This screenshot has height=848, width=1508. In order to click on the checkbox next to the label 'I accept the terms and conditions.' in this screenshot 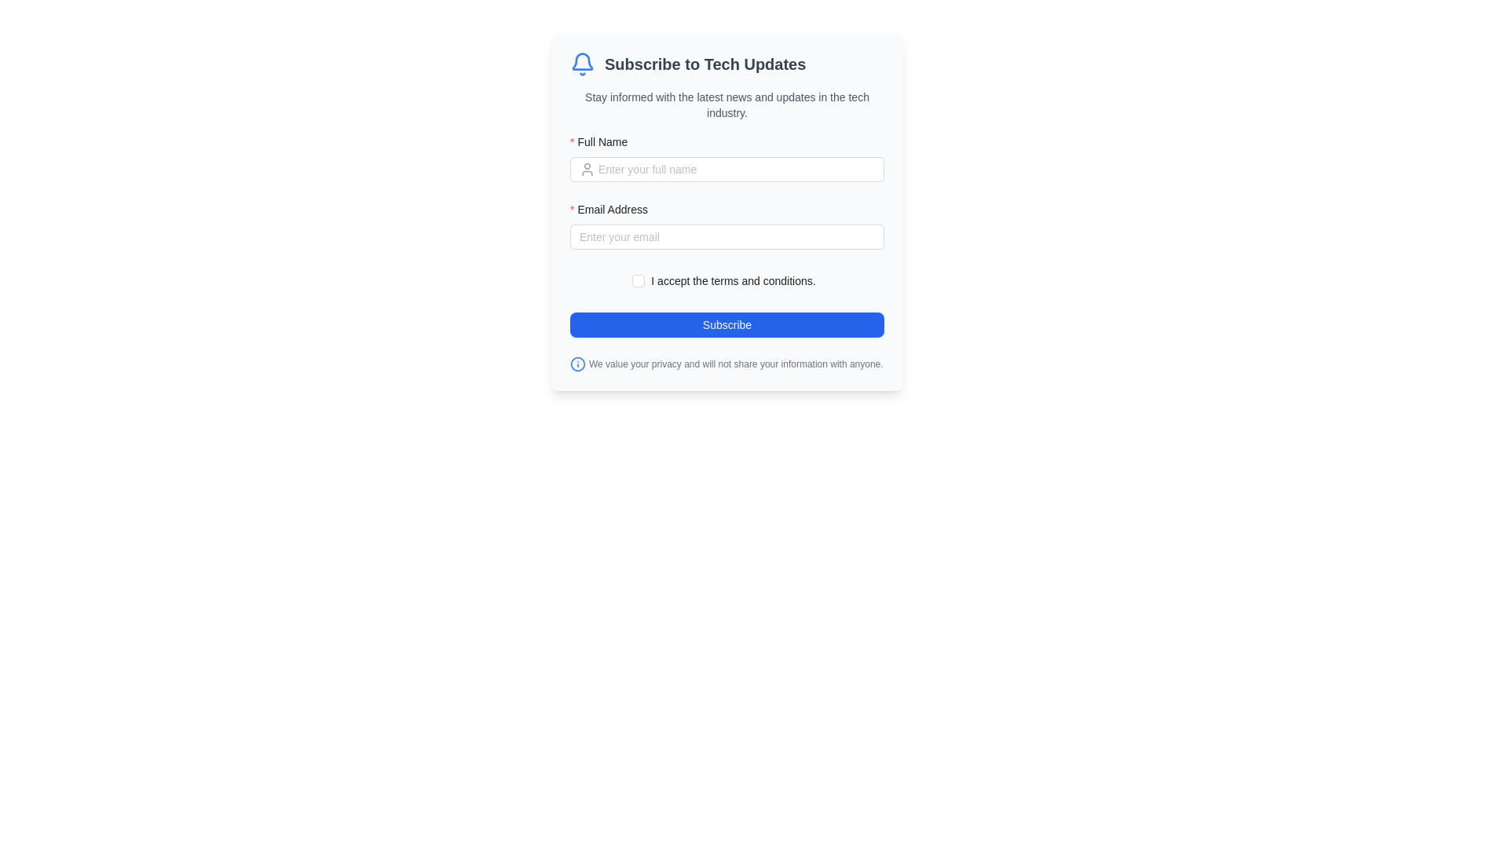, I will do `click(727, 280)`.